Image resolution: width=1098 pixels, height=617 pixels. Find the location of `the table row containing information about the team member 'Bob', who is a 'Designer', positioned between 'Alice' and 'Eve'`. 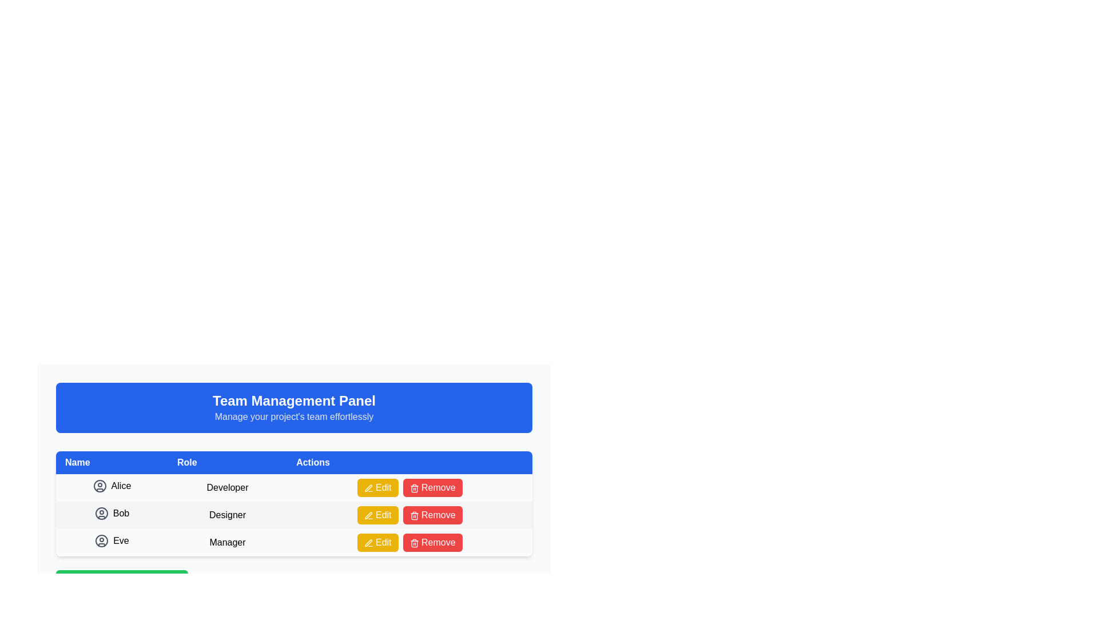

the table row containing information about the team member 'Bob', who is a 'Designer', positioned between 'Alice' and 'Eve' is located at coordinates (294, 503).